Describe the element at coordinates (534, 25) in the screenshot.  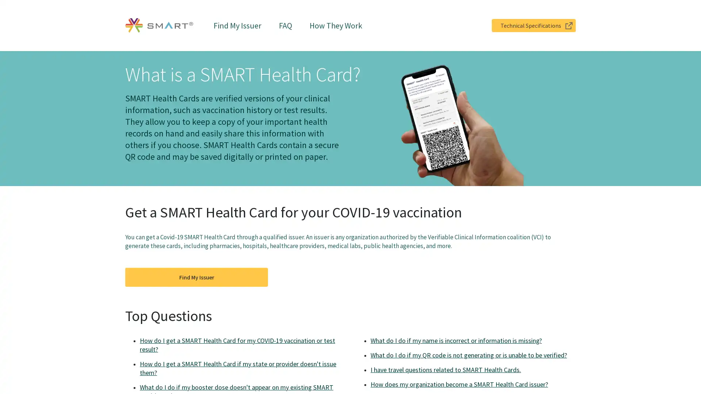
I see `Technical Specifications` at that location.